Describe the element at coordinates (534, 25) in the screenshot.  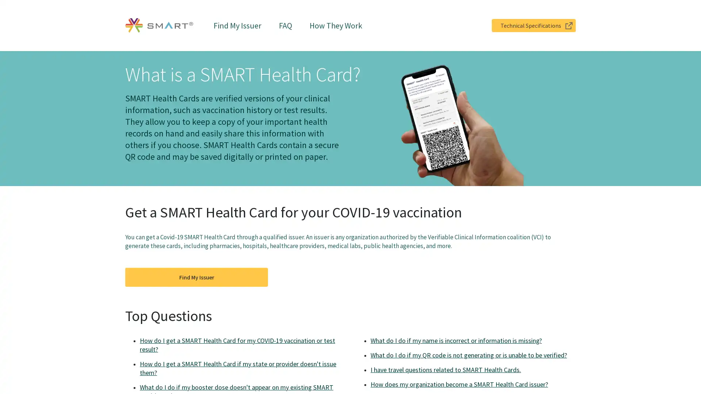
I see `Technical Specifications` at that location.